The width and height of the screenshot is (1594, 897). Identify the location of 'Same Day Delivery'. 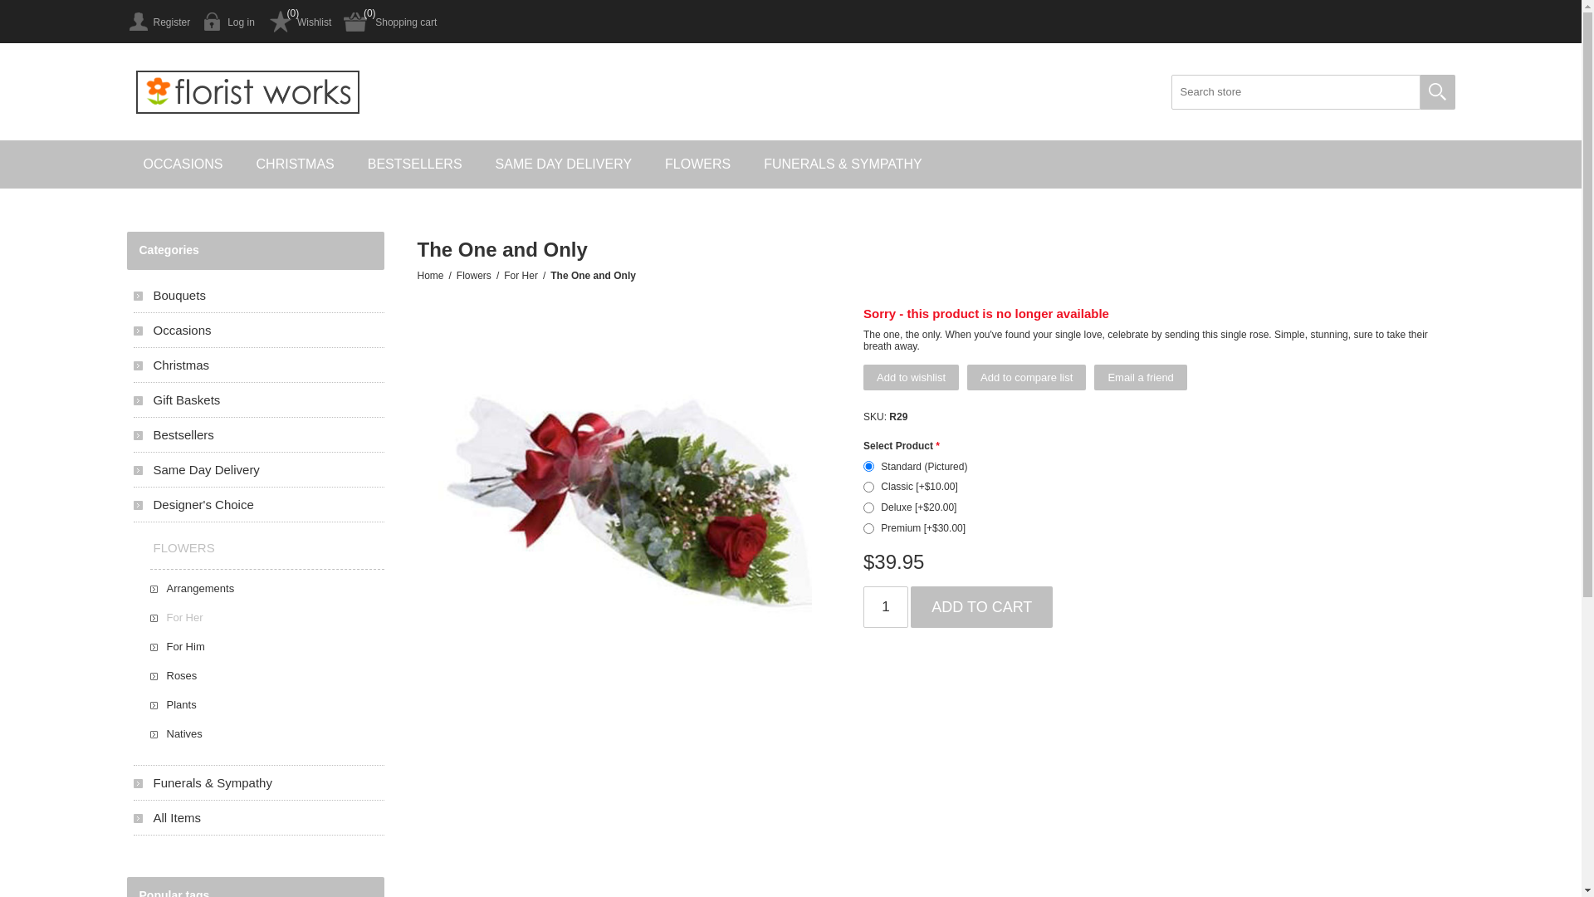
(257, 469).